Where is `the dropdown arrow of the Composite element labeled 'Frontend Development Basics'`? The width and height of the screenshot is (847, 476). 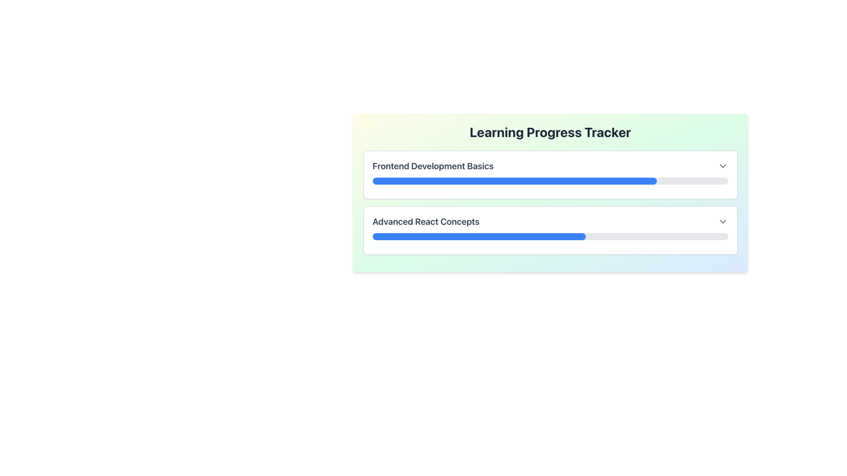
the dropdown arrow of the Composite element labeled 'Frontend Development Basics' is located at coordinates (550, 166).